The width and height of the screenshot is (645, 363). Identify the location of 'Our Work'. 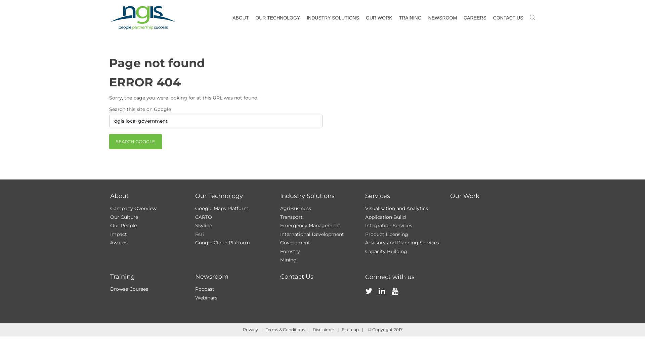
(464, 196).